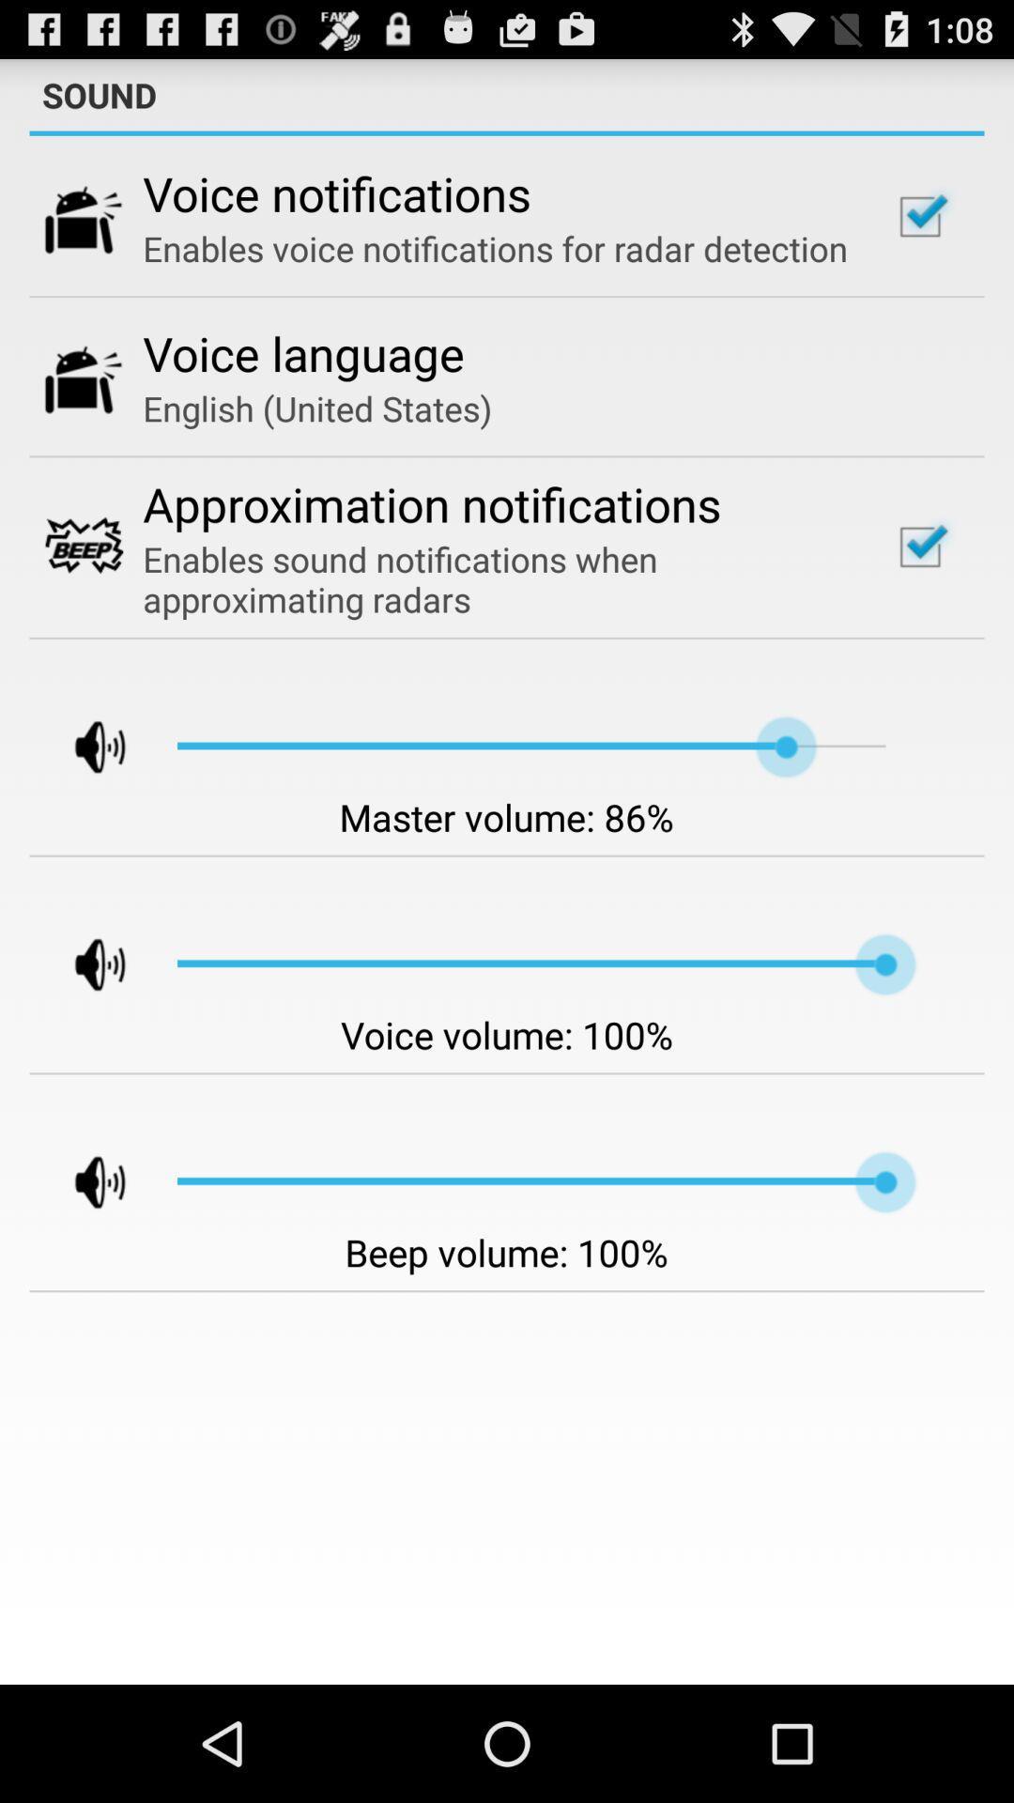  I want to click on voice language item, so click(302, 353).